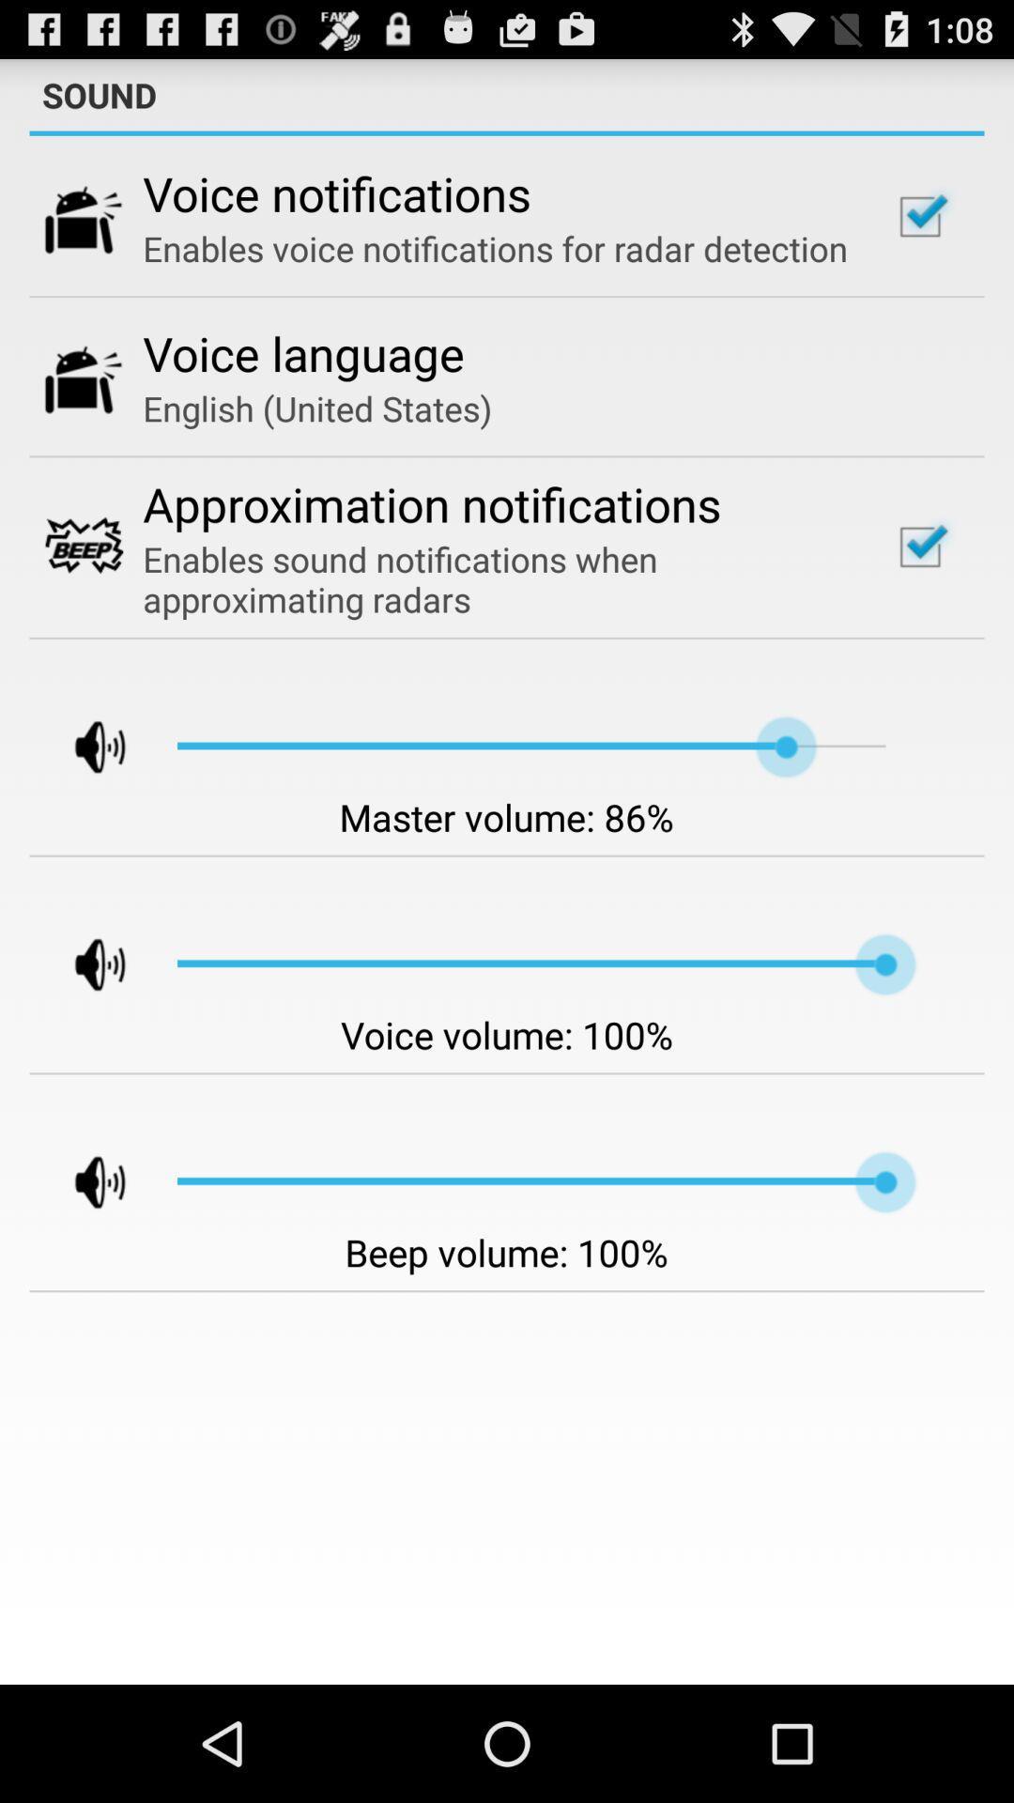  I want to click on voice language item, so click(302, 353).